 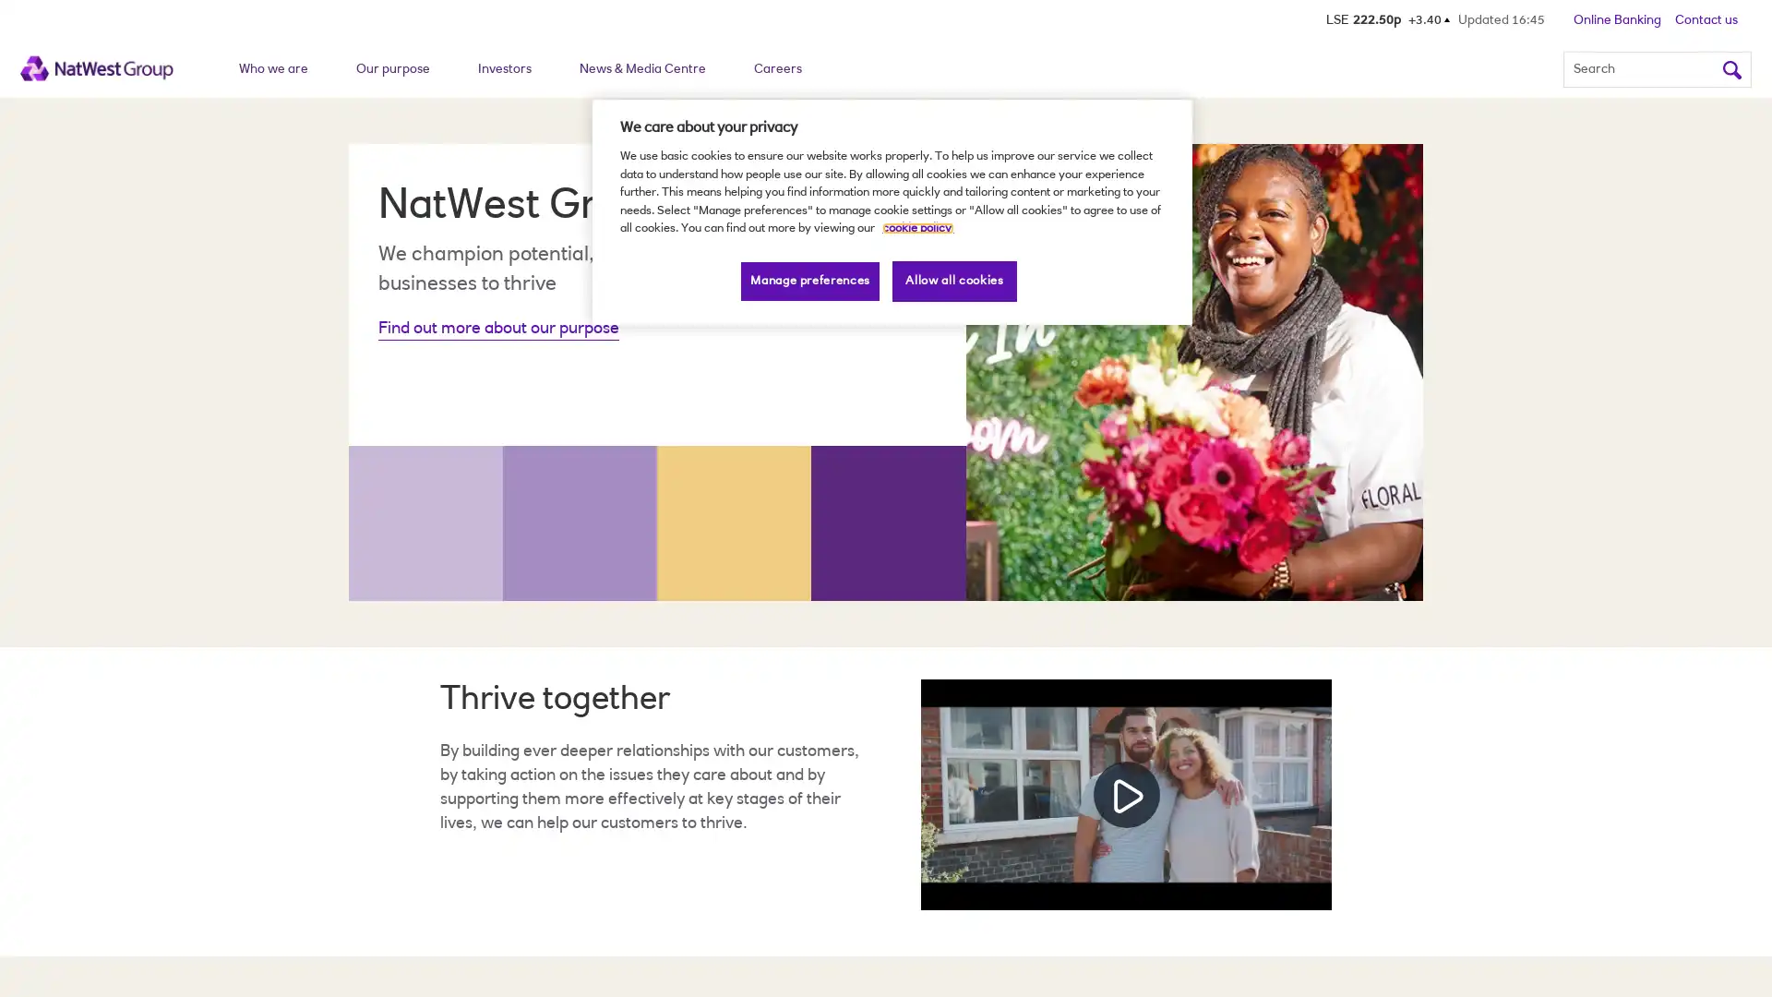 I want to click on Allow all cookies, so click(x=954, y=281).